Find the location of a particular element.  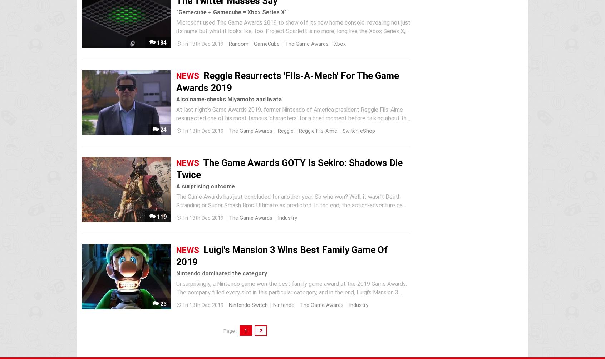

'Luigi's Mansion 3 Wins Best Family Game Of 2019' is located at coordinates (282, 256).